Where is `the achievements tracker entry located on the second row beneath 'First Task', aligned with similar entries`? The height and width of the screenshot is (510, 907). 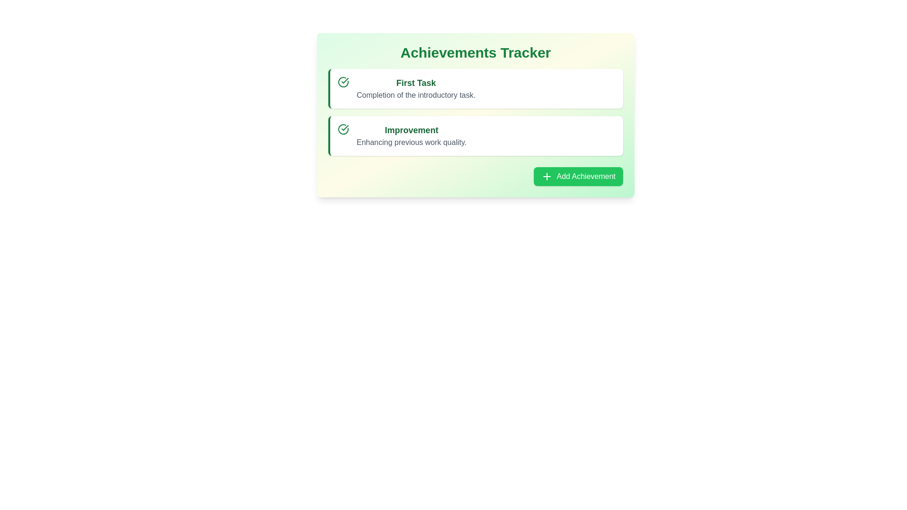 the achievements tracker entry located on the second row beneath 'First Task', aligned with similar entries is located at coordinates (411, 136).